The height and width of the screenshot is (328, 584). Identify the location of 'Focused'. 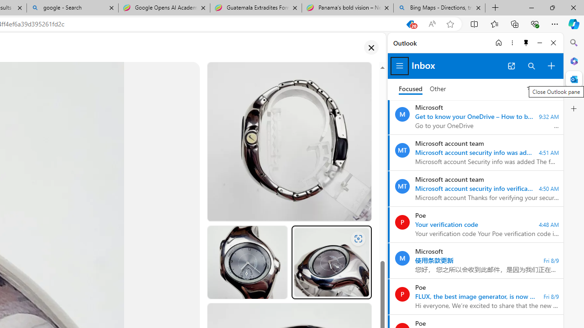
(410, 89).